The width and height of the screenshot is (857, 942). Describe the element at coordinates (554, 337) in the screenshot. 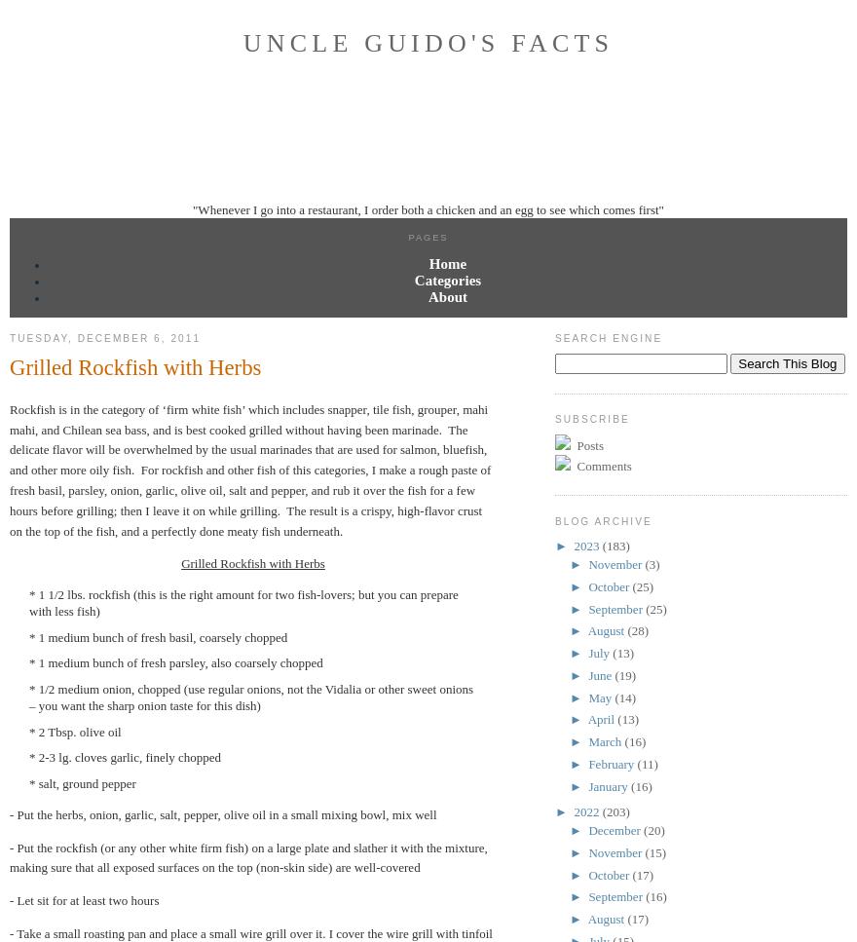

I see `'Search Engine'` at that location.